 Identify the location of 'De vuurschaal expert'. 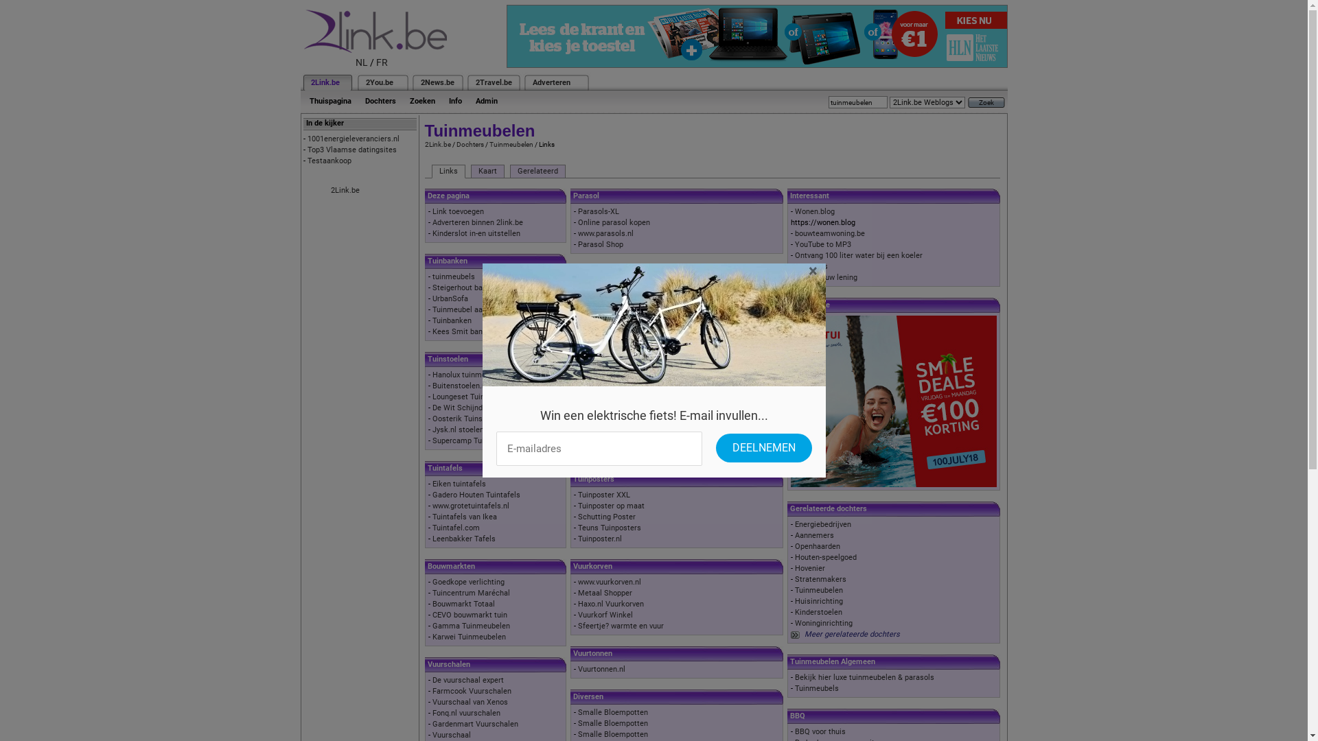
(431, 680).